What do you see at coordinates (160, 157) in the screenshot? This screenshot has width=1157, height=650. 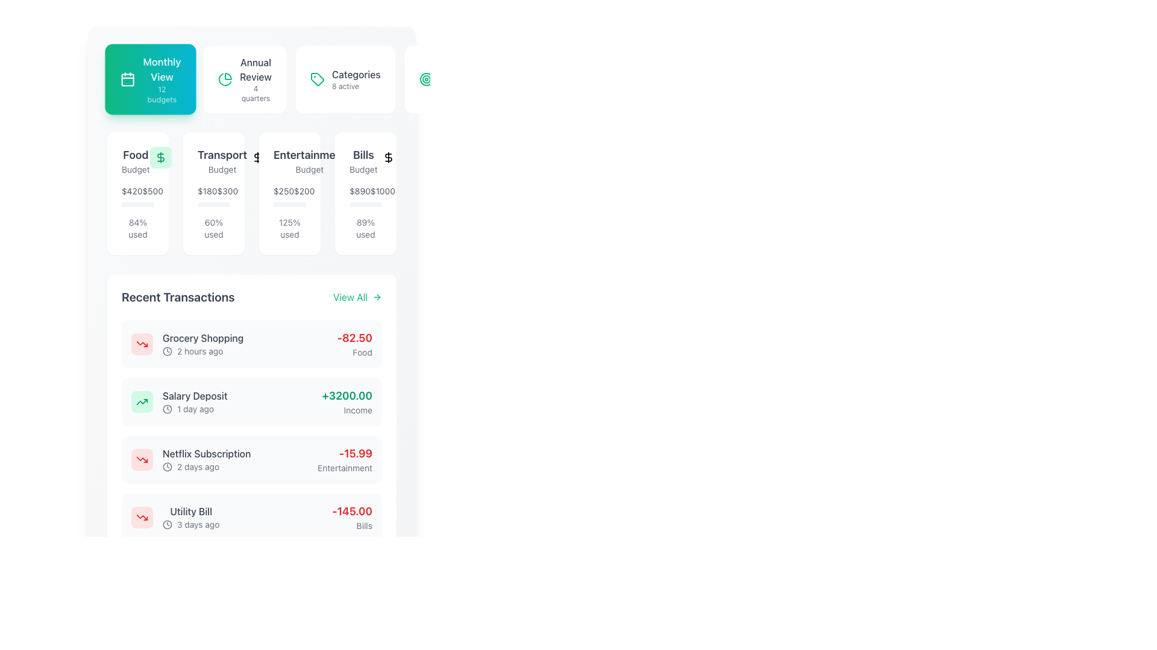 I see `the monetary icon representing the 'Food' category located to the right of the 'Food' text under the 'Food Budget' section` at bounding box center [160, 157].